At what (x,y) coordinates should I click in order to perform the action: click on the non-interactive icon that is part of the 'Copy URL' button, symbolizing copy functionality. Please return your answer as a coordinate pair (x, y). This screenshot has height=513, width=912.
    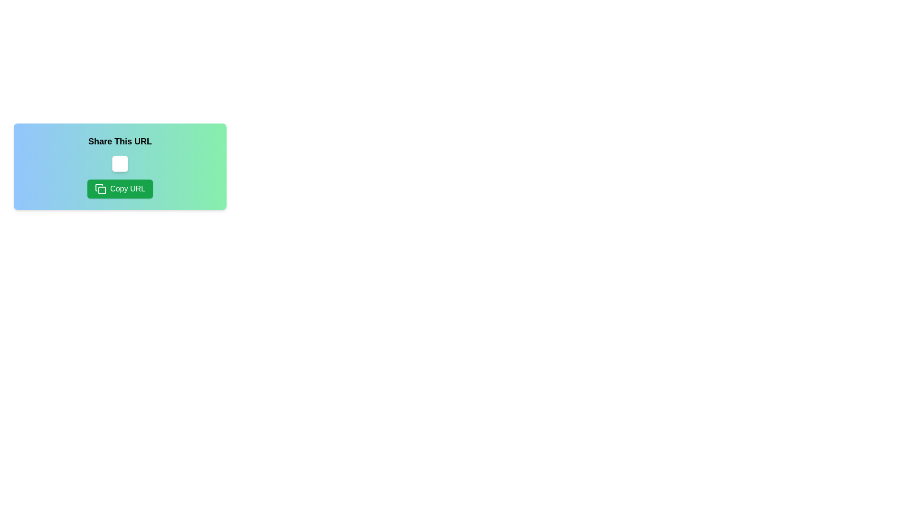
    Looking at the image, I should click on (102, 190).